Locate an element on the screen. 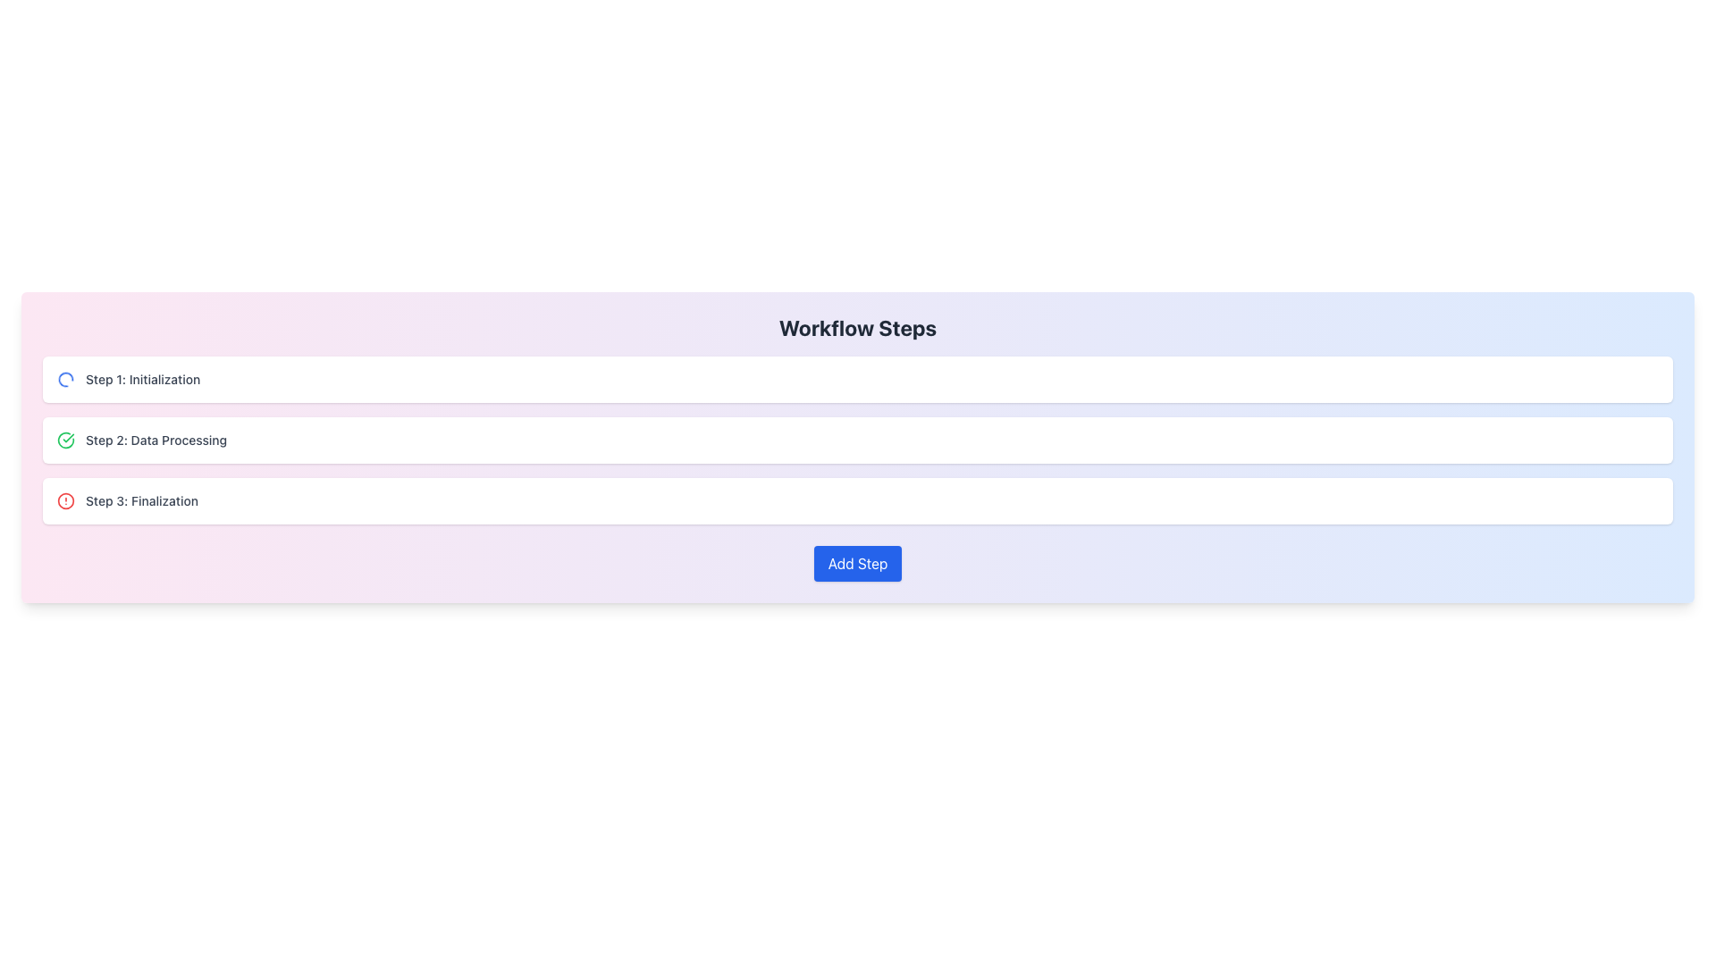 This screenshot has width=1716, height=965. the active first step in the workflow, which features a spinning icon and text, indicating it is currently in progress is located at coordinates (128, 378).